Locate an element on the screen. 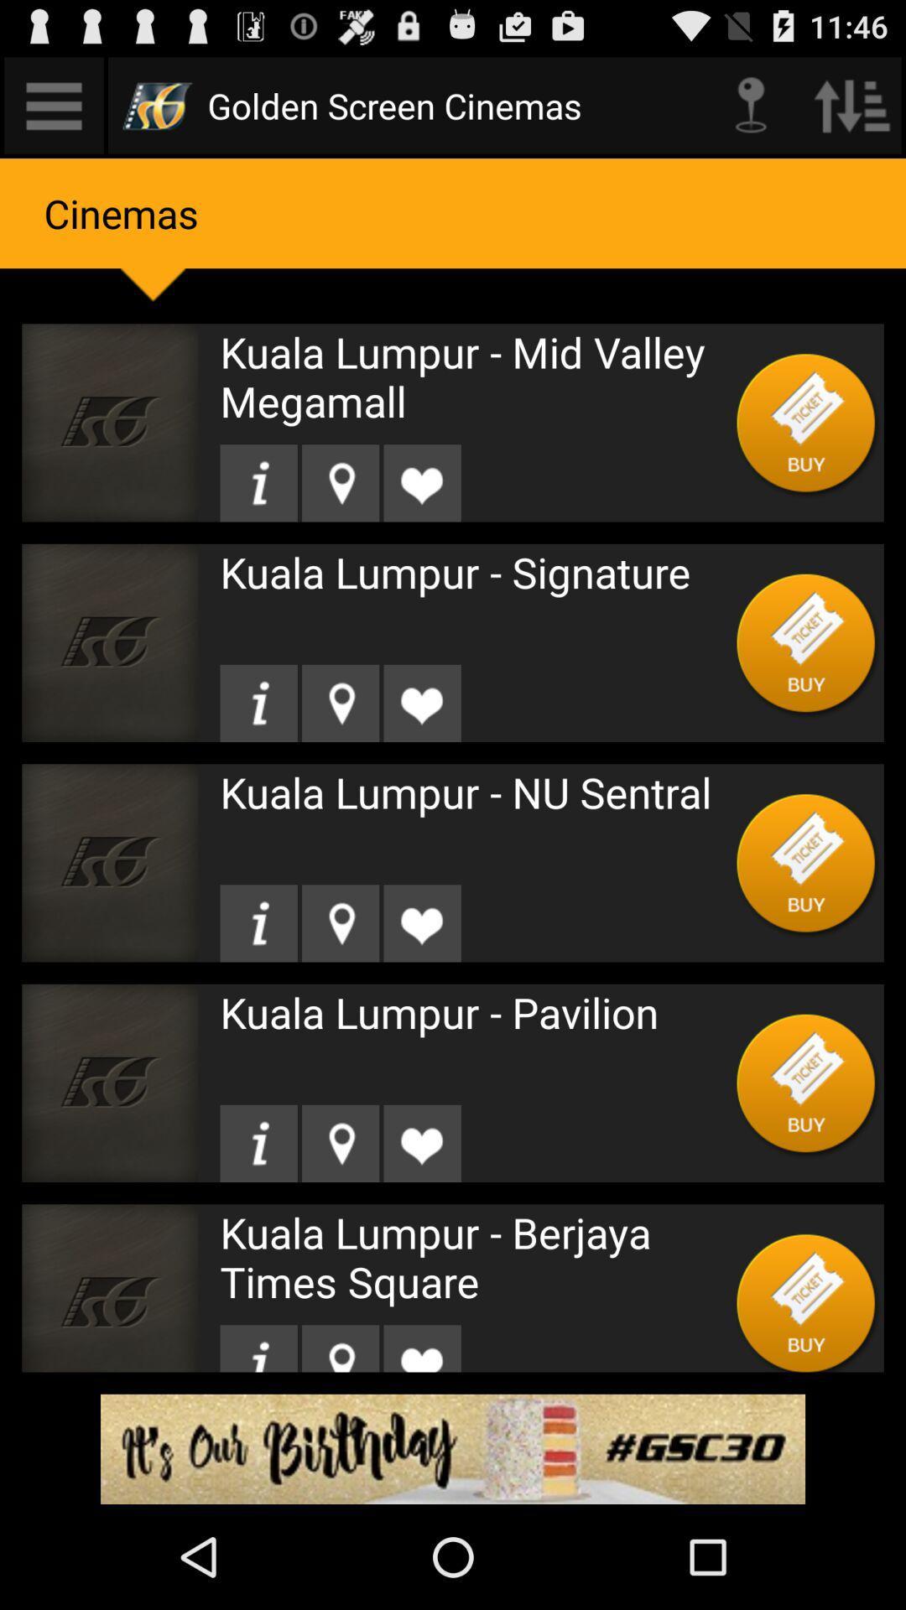 This screenshot has height=1610, width=906. heart the video is located at coordinates (421, 482).